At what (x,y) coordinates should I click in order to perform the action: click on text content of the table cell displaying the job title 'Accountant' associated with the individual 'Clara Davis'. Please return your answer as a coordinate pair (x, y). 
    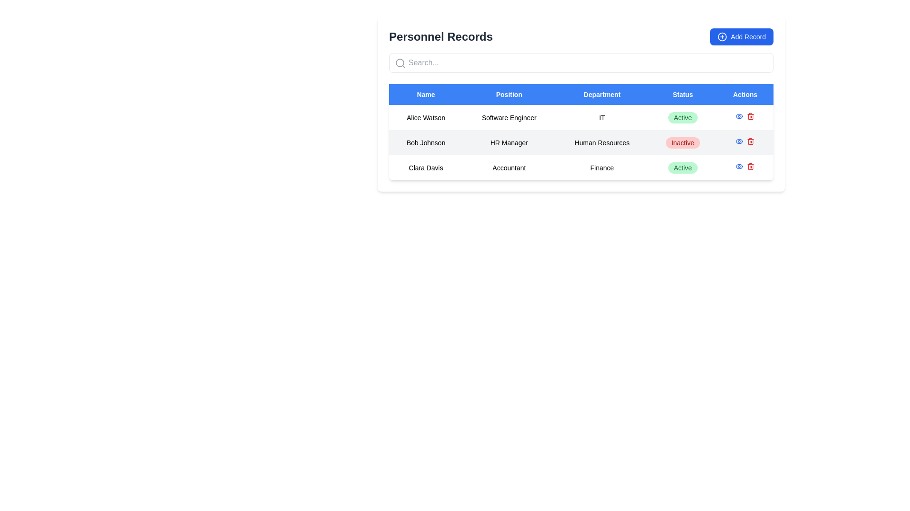
    Looking at the image, I should click on (509, 167).